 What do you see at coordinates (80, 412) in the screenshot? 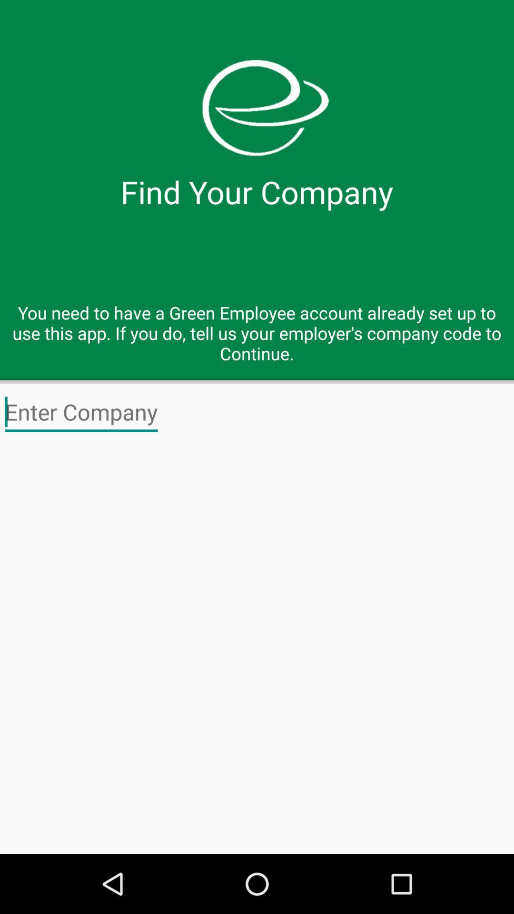
I see `company` at bounding box center [80, 412].